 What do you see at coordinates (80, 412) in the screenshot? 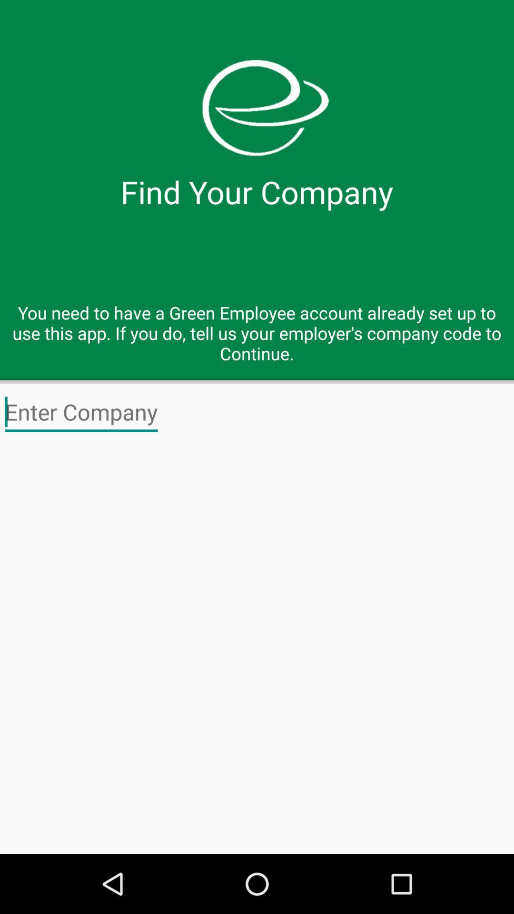
I see `company` at bounding box center [80, 412].